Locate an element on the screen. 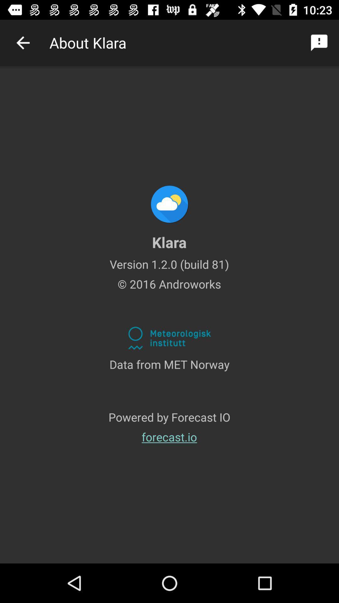 This screenshot has height=603, width=339. the item to the right of the about klara item is located at coordinates (319, 42).